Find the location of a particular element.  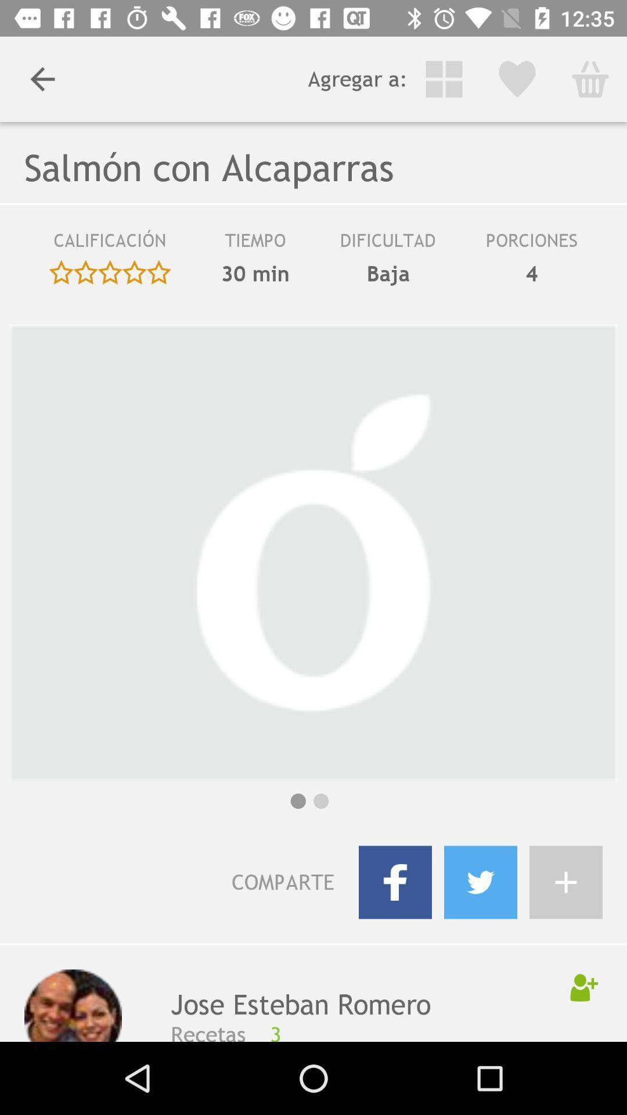

post to facebook is located at coordinates (395, 882).